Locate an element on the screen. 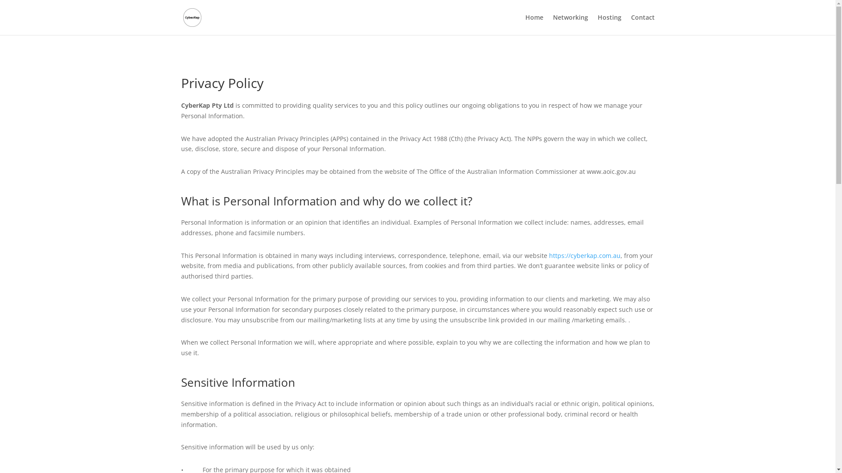 The height and width of the screenshot is (473, 842). 'Contact' is located at coordinates (642, 24).